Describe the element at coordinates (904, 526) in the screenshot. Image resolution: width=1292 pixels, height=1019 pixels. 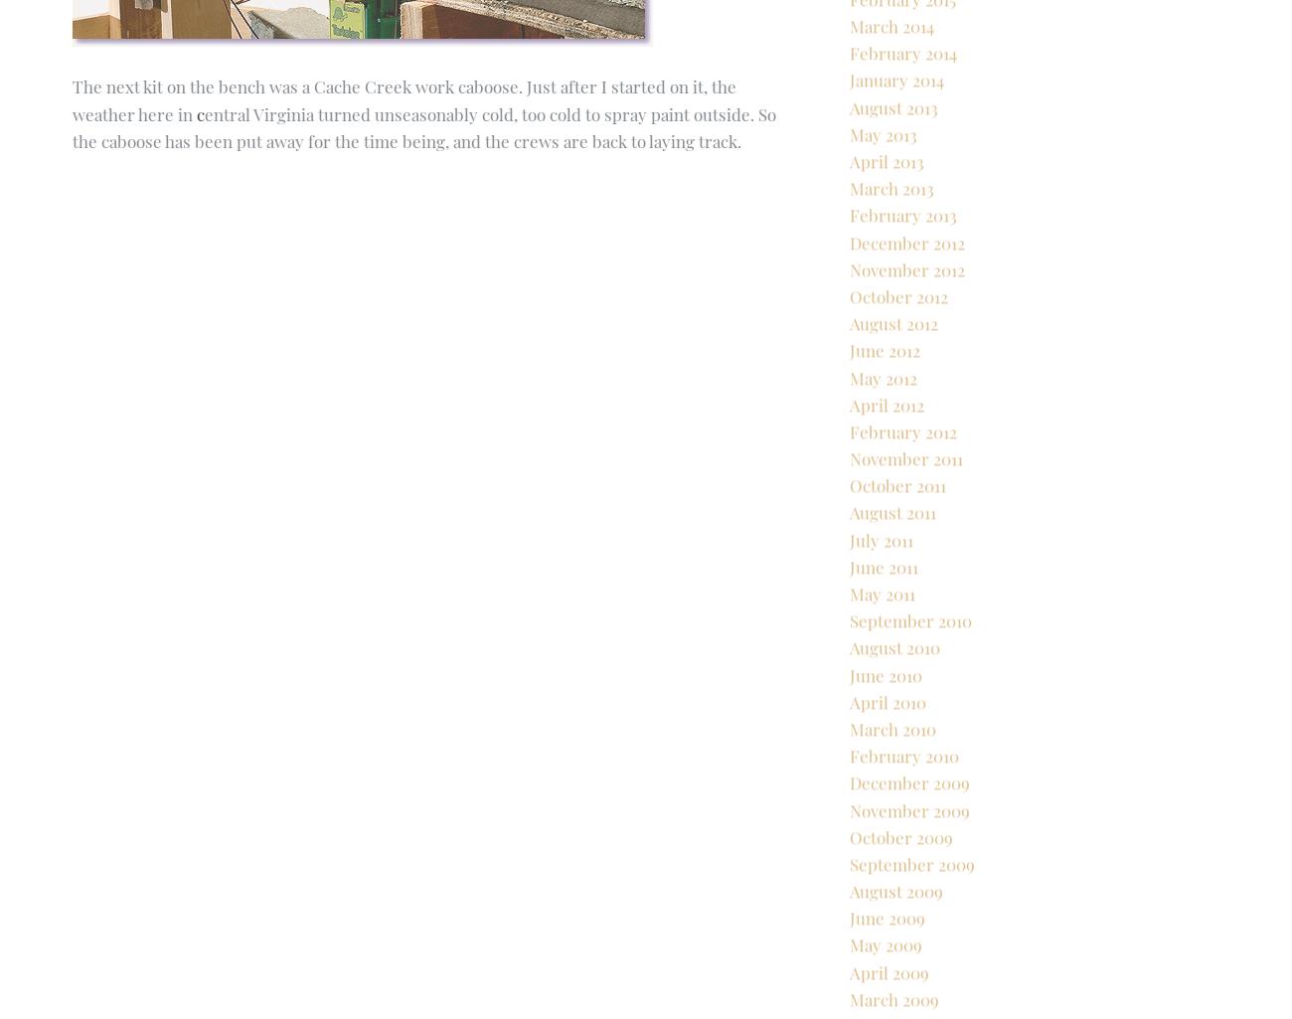
I see `'November 2011'` at that location.